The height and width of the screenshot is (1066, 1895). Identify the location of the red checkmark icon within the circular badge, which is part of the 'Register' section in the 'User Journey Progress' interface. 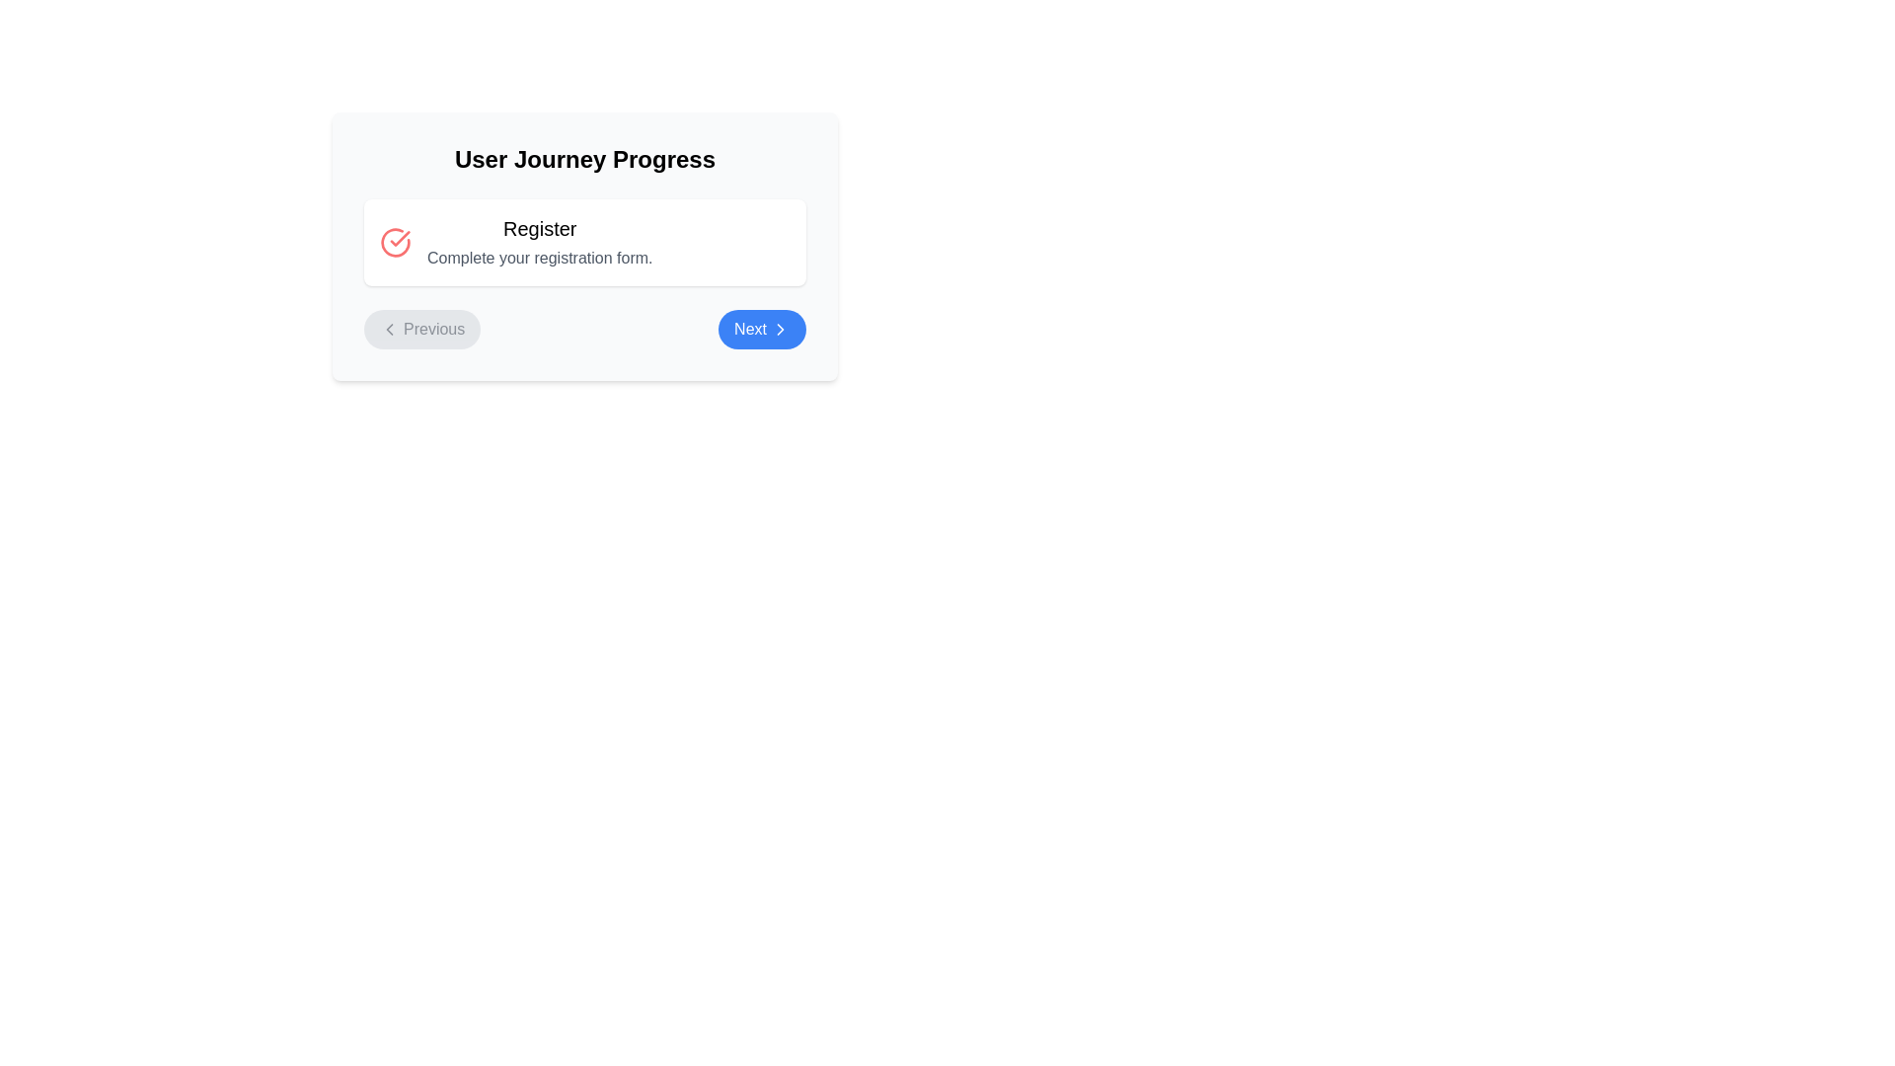
(399, 238).